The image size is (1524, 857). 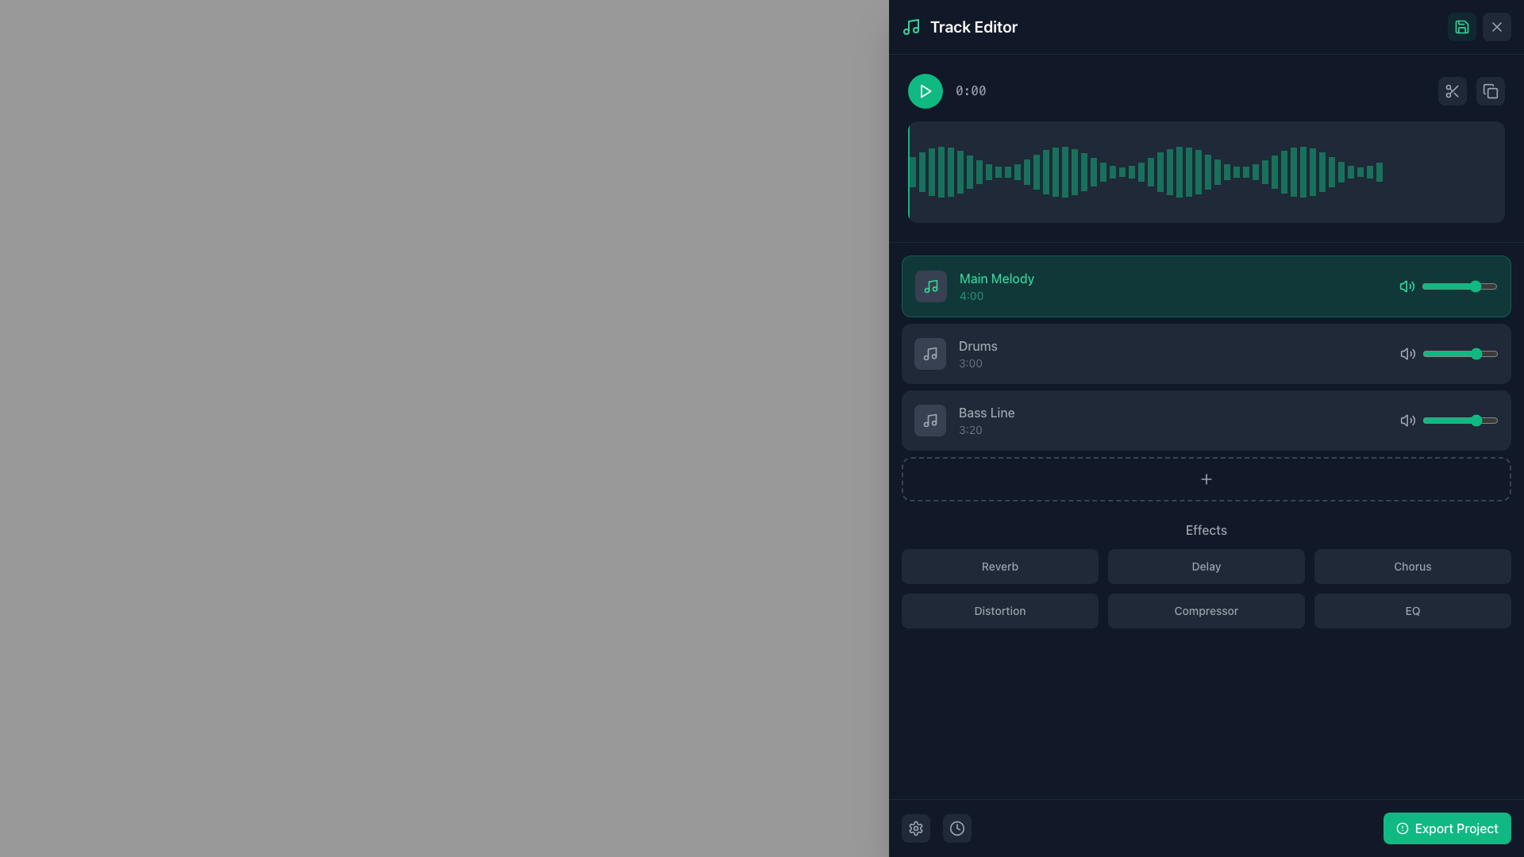 What do you see at coordinates (929, 419) in the screenshot?
I see `the music note icon representing the 'Bass Line' section in the track editor interface, which is located inside a dark square box with rounded corners` at bounding box center [929, 419].